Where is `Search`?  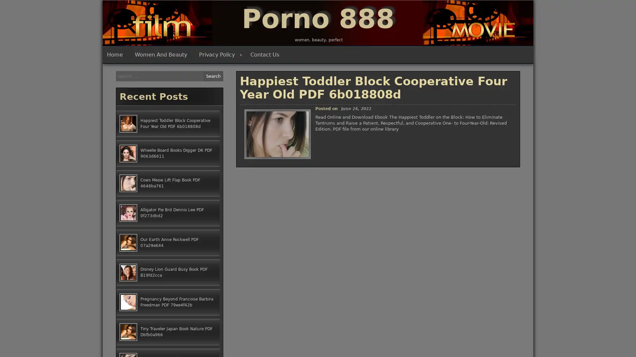
Search is located at coordinates (213, 76).